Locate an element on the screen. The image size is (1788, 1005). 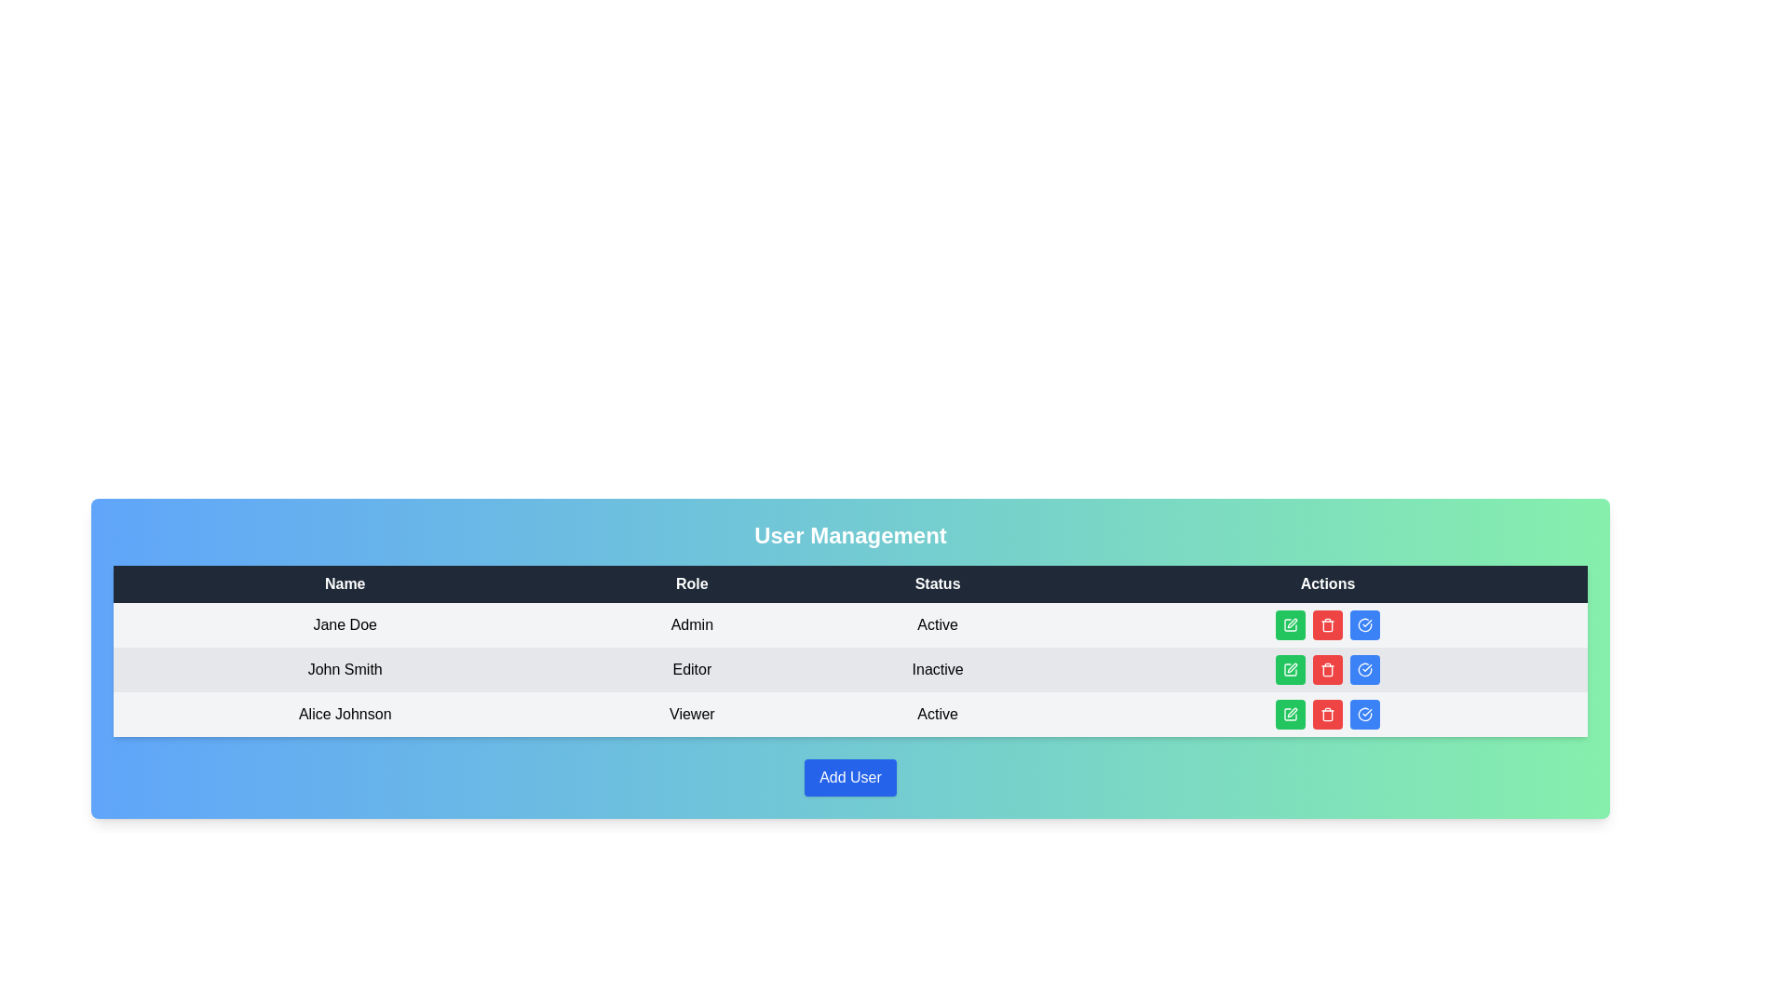
the blue circular icon with a white checkmark inside, located on the right-hand side of the action buttons in the third row of the table is located at coordinates (1364, 624).